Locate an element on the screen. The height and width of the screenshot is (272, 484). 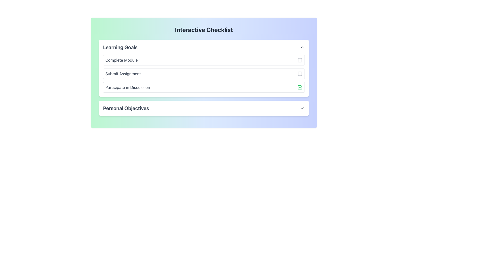
the inner square of the checkbox for the 'Complete Module 1' entry in the 'Learning Goals' section is located at coordinates (300, 60).